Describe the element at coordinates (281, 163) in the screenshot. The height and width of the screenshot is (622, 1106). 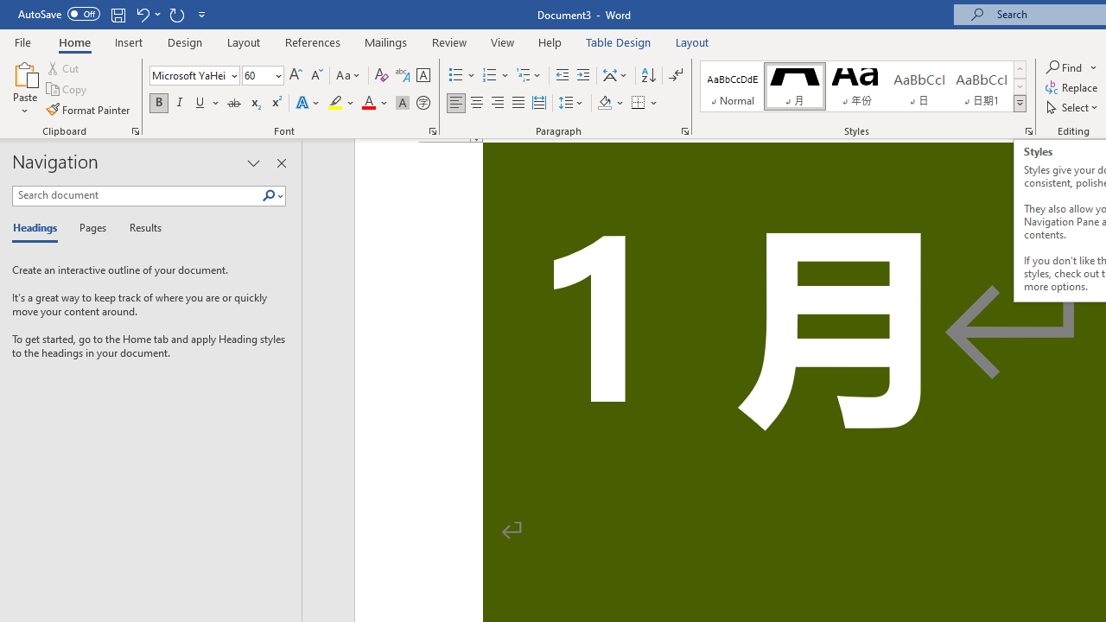
I see `'Close pane'` at that location.